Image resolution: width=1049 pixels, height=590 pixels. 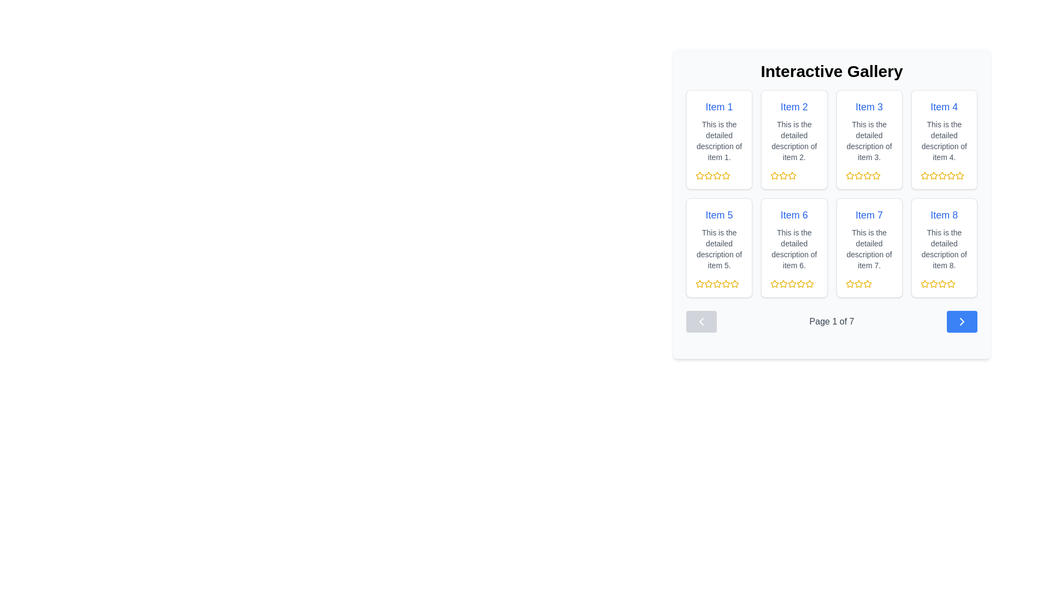 I want to click on the static text label displaying 'Page 1 of 7' located centrally at the bottom of the interface, so click(x=831, y=321).